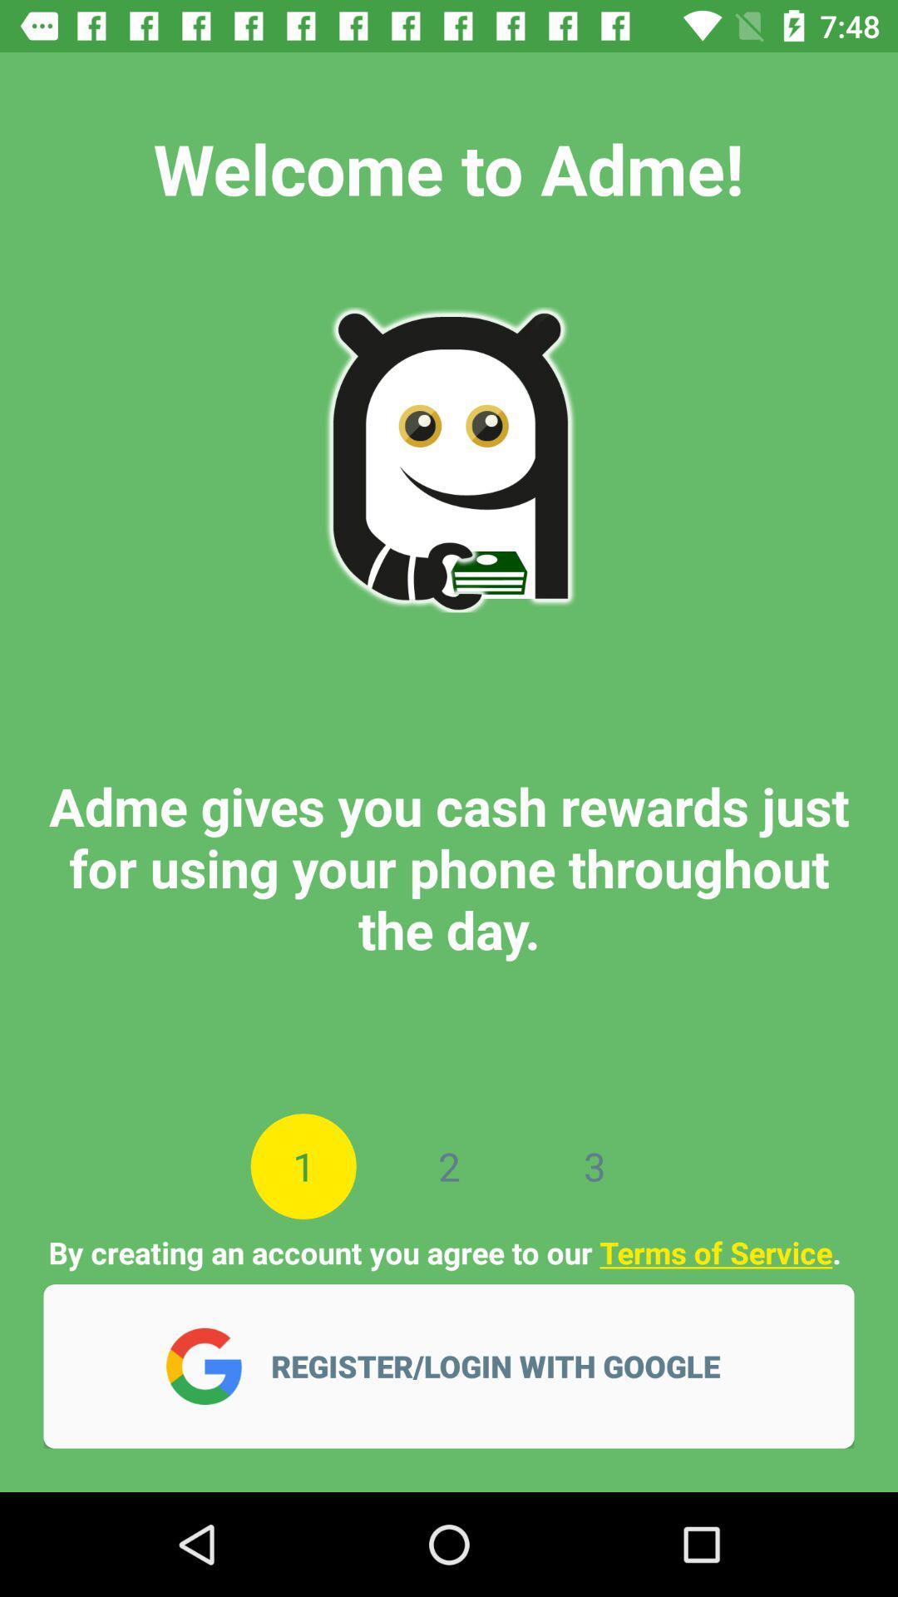  I want to click on the icon to the right of the 2, so click(594, 1165).